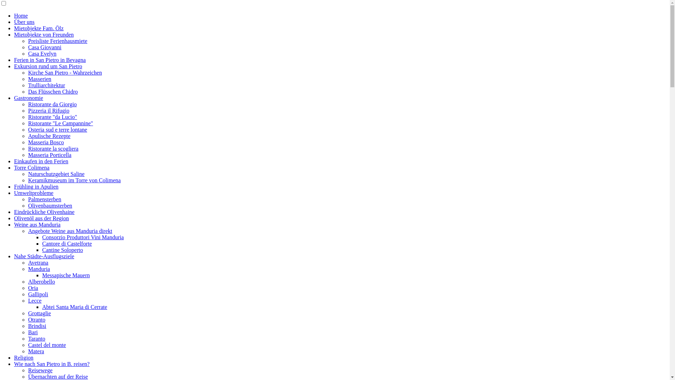 The height and width of the screenshot is (380, 675). What do you see at coordinates (74, 180) in the screenshot?
I see `'Keramikmuseum im Torre von Colimena'` at bounding box center [74, 180].